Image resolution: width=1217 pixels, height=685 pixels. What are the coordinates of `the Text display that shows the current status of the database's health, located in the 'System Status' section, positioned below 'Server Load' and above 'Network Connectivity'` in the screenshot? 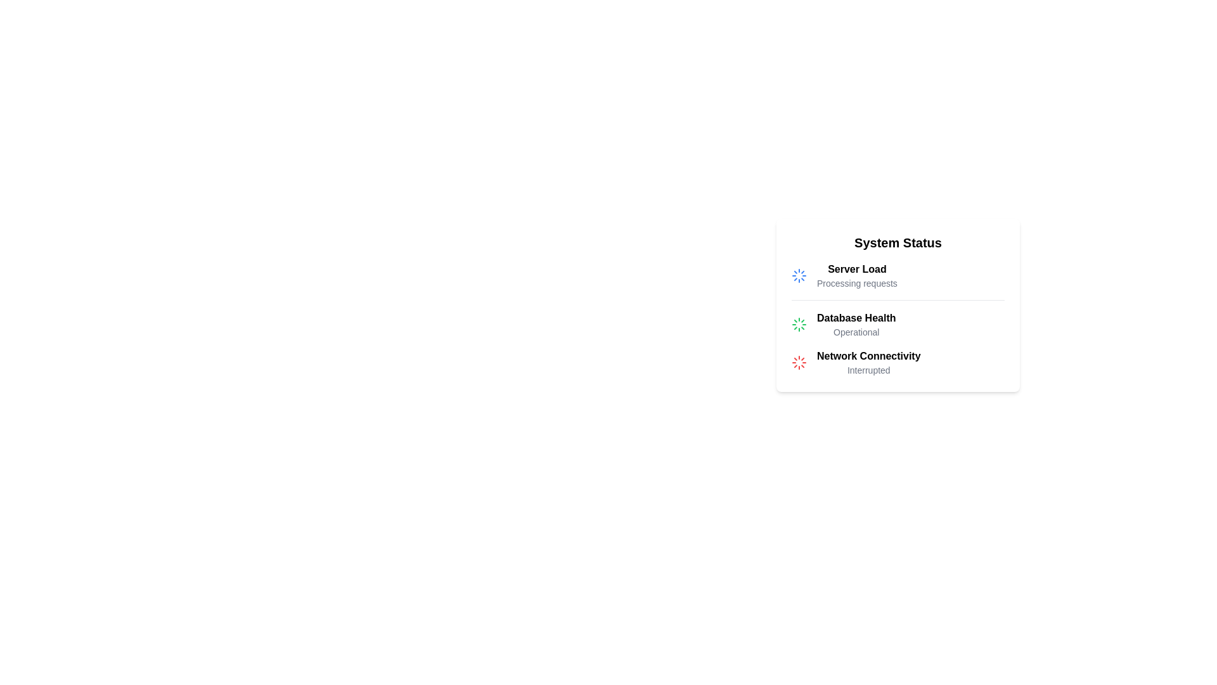 It's located at (856, 324).